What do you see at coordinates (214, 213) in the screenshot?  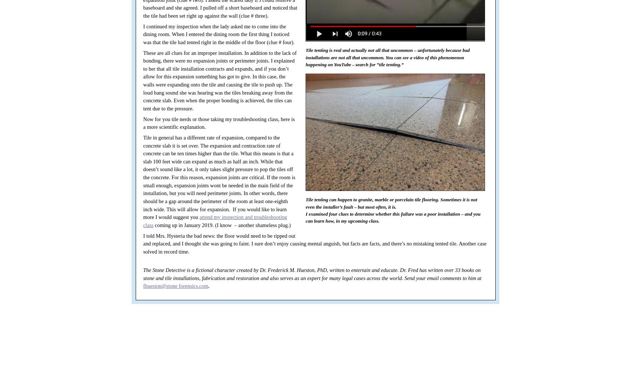 I see `'If you would like to learn more I would suggest you'` at bounding box center [214, 213].